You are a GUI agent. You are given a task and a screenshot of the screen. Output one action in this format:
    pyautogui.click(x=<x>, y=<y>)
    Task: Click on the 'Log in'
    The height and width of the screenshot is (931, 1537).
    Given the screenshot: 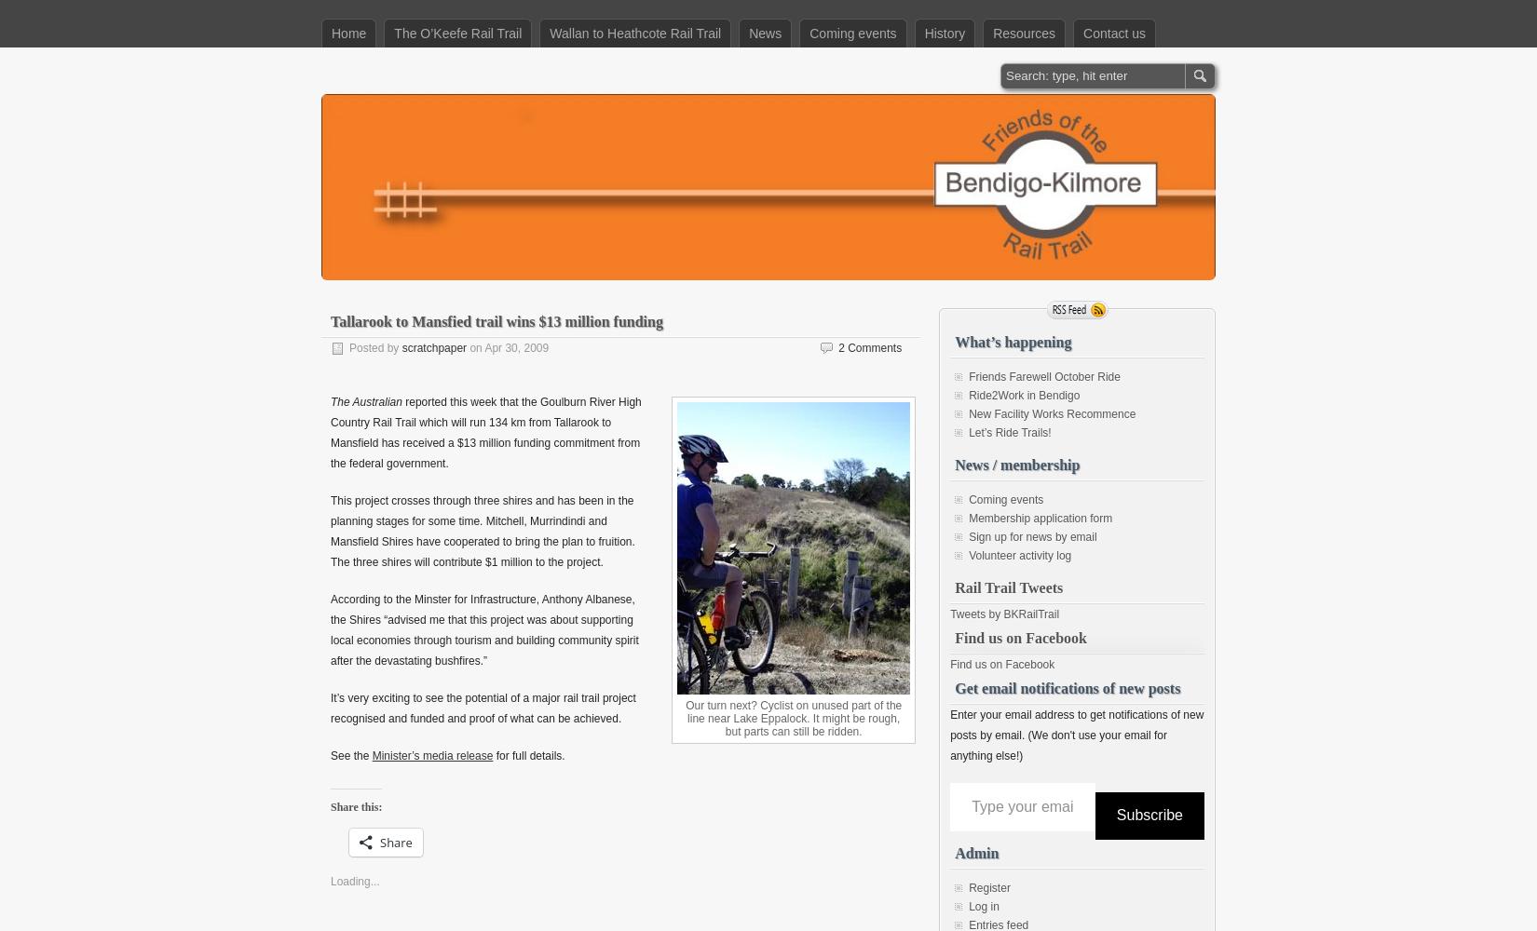 What is the action you would take?
    pyautogui.click(x=984, y=905)
    